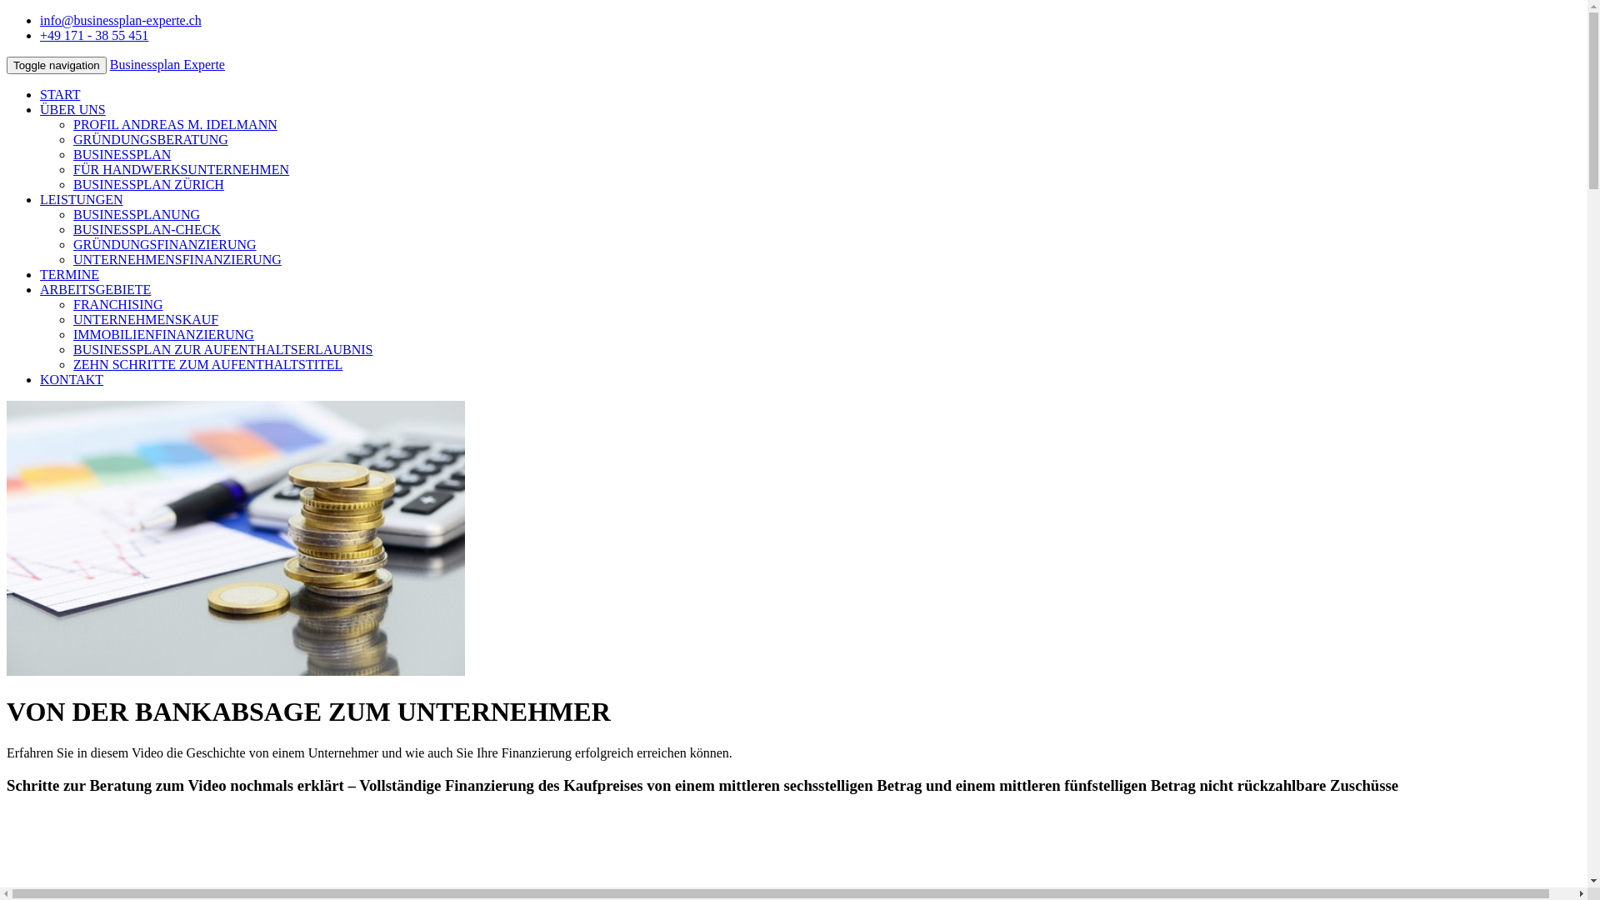 The image size is (1600, 900). I want to click on 'info@businessplan-experte.ch', so click(119, 20).